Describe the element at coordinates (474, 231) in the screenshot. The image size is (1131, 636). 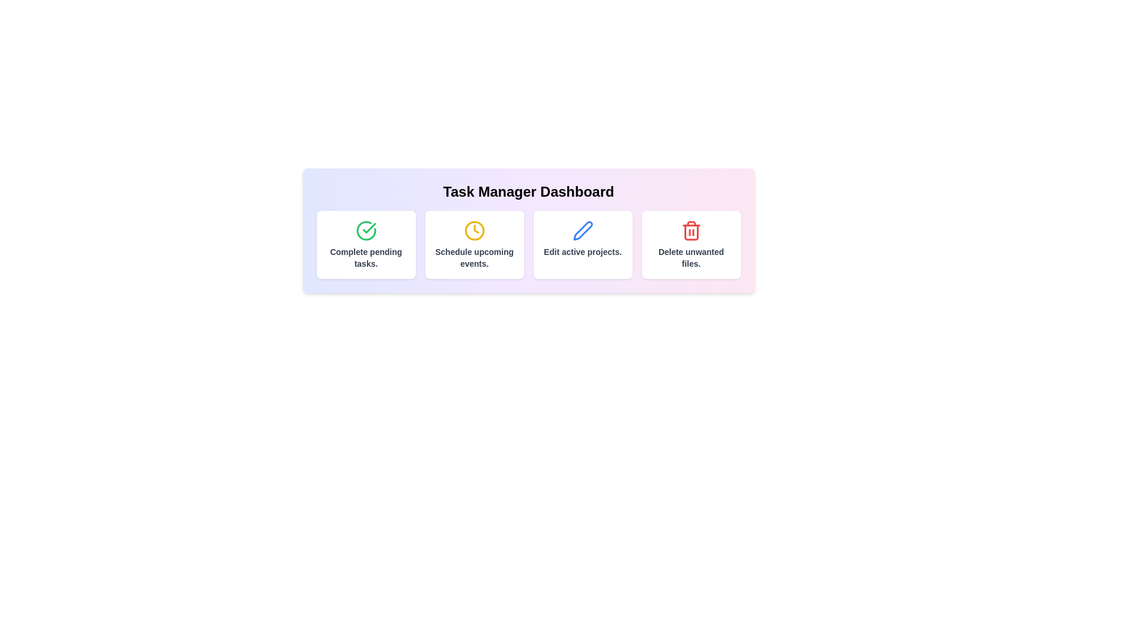
I see `the outer circular shape of the yellow clock icon located in the second card labeled 'Schedule upcoming events' within the dashboard panel` at that location.